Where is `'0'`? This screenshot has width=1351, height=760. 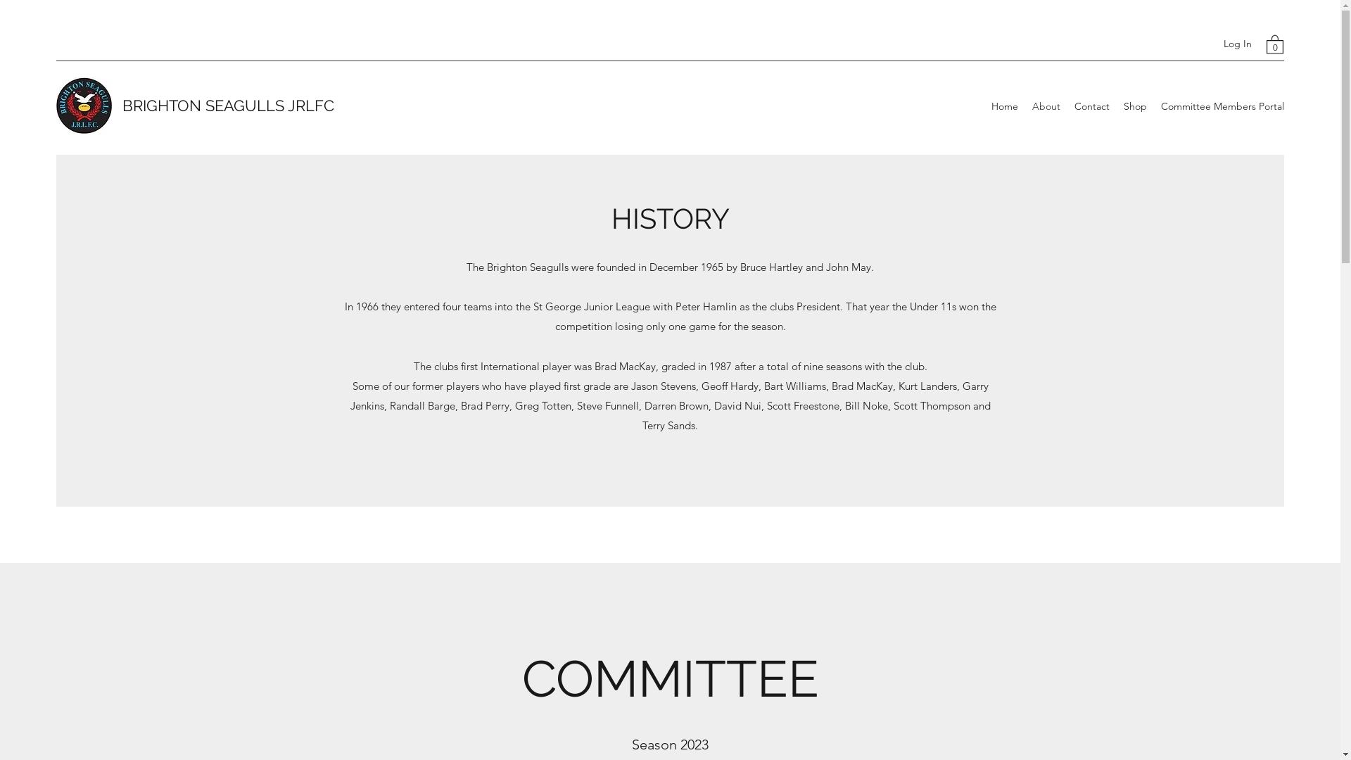 '0' is located at coordinates (1274, 43).